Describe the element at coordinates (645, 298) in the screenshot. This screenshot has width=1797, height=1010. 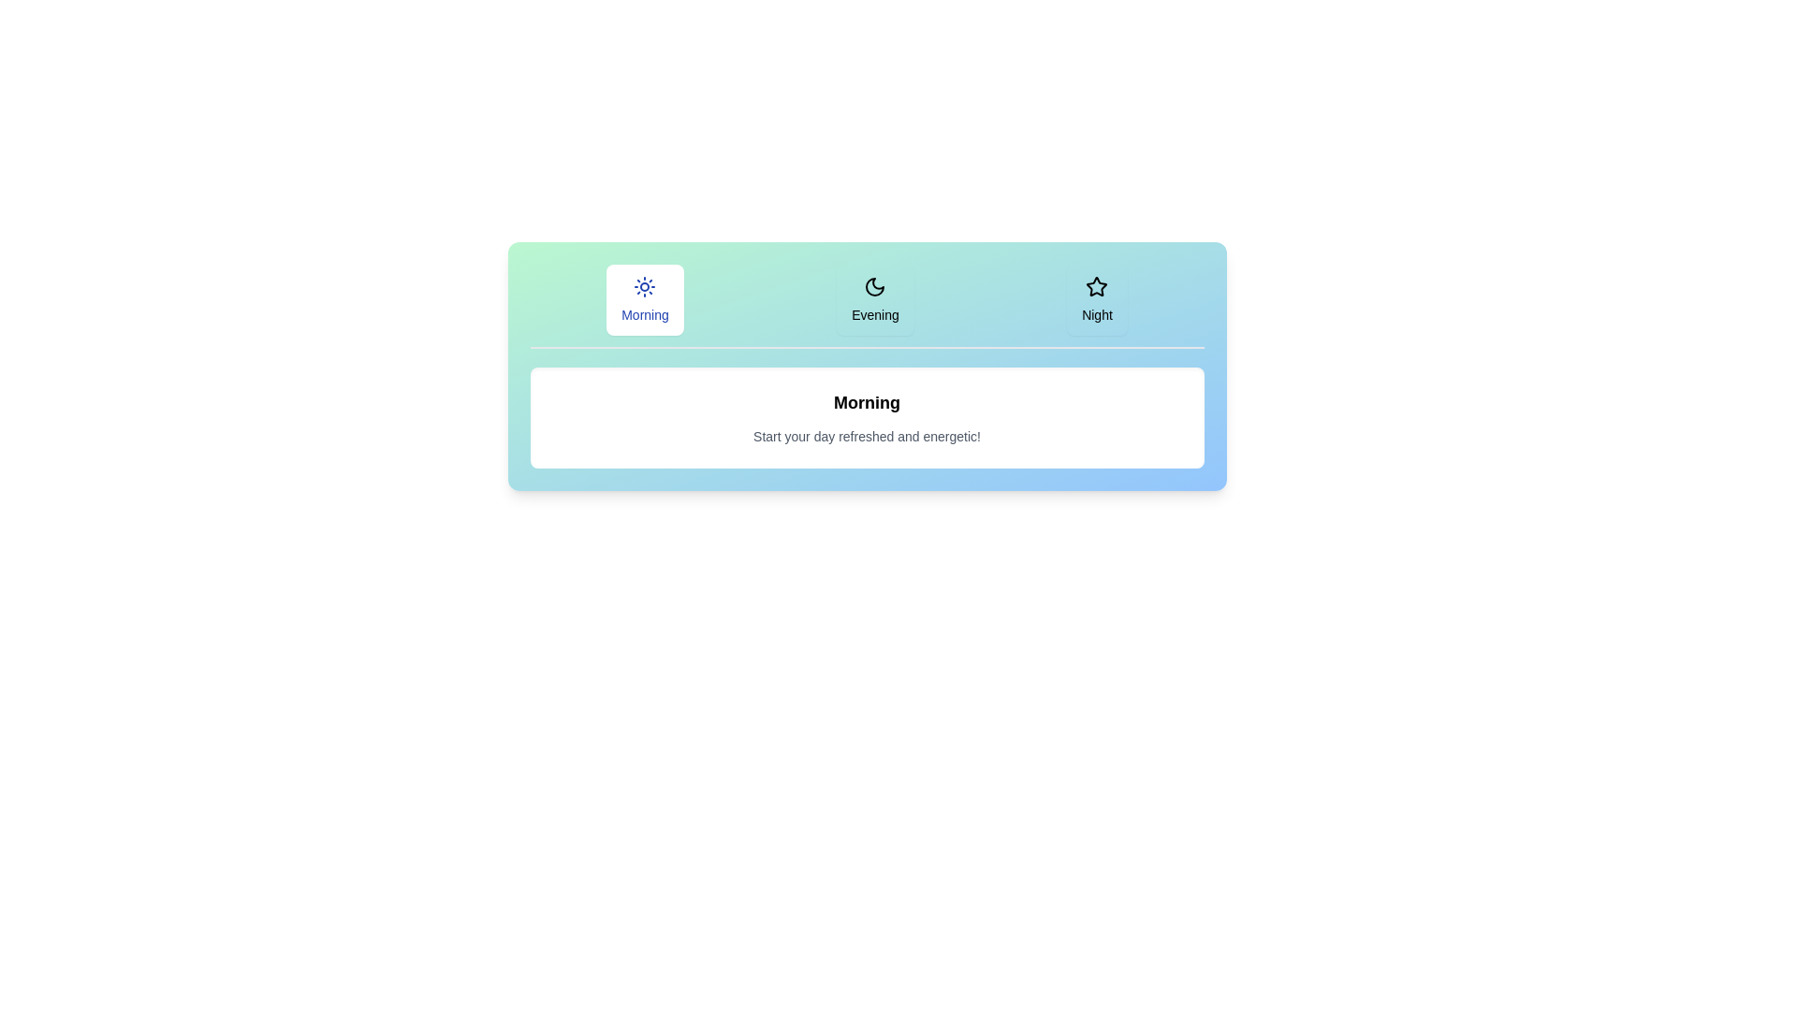
I see `the tab labeled Morning to select it` at that location.